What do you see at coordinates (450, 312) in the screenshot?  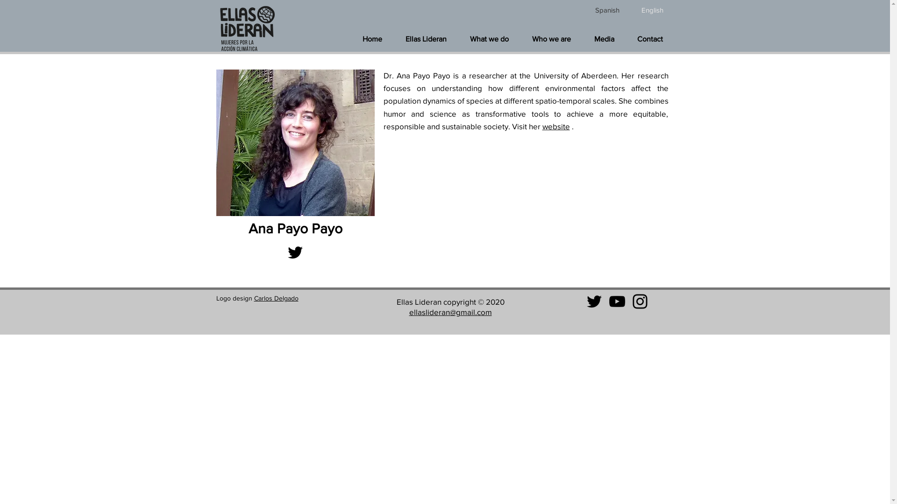 I see `'ellaslideran@gmail.com'` at bounding box center [450, 312].